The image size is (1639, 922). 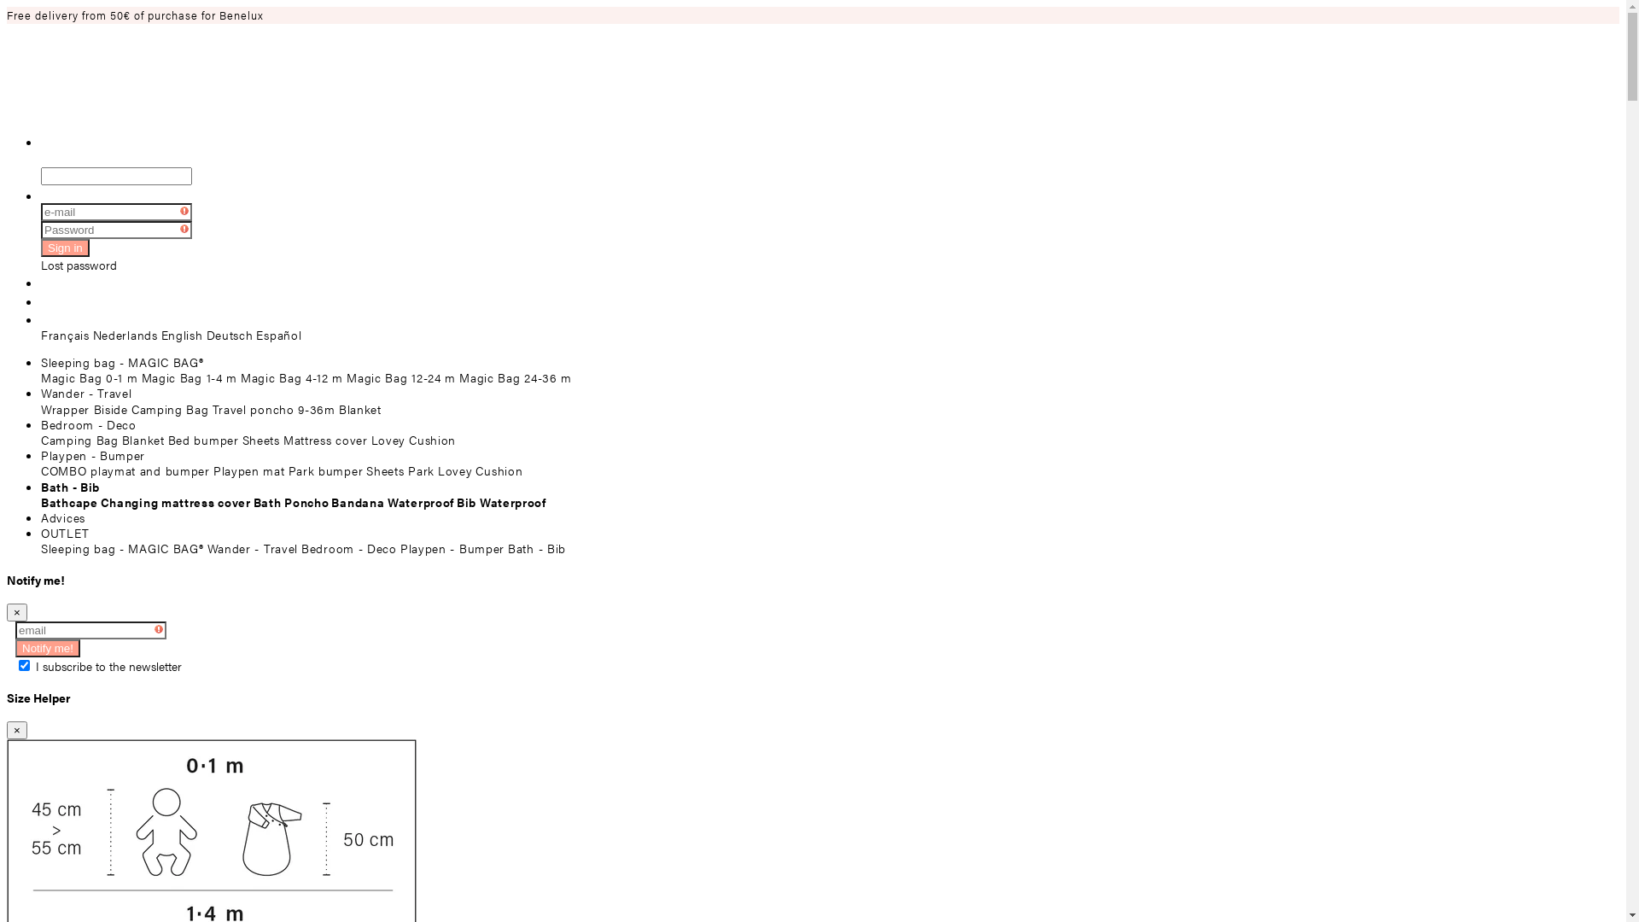 What do you see at coordinates (515, 376) in the screenshot?
I see `'Magic Bag 24-36 m'` at bounding box center [515, 376].